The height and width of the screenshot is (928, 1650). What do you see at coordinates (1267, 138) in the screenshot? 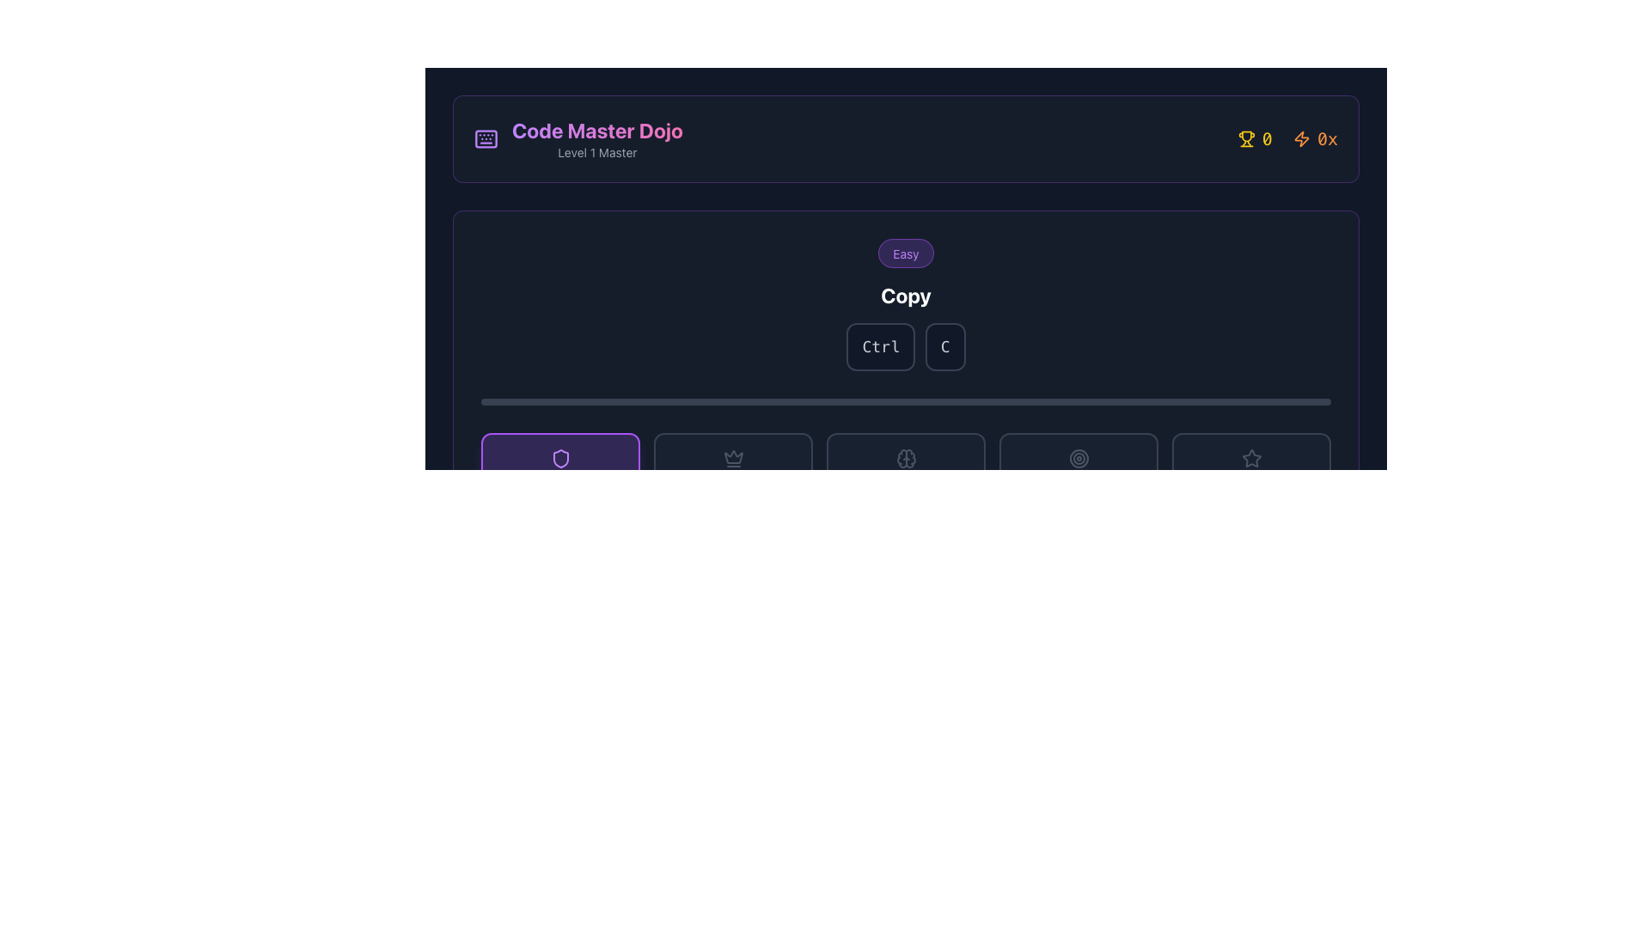
I see `the static text element displaying the large yellow number '0' in the top-right section of the interface, which is part of a status or score tracker` at bounding box center [1267, 138].